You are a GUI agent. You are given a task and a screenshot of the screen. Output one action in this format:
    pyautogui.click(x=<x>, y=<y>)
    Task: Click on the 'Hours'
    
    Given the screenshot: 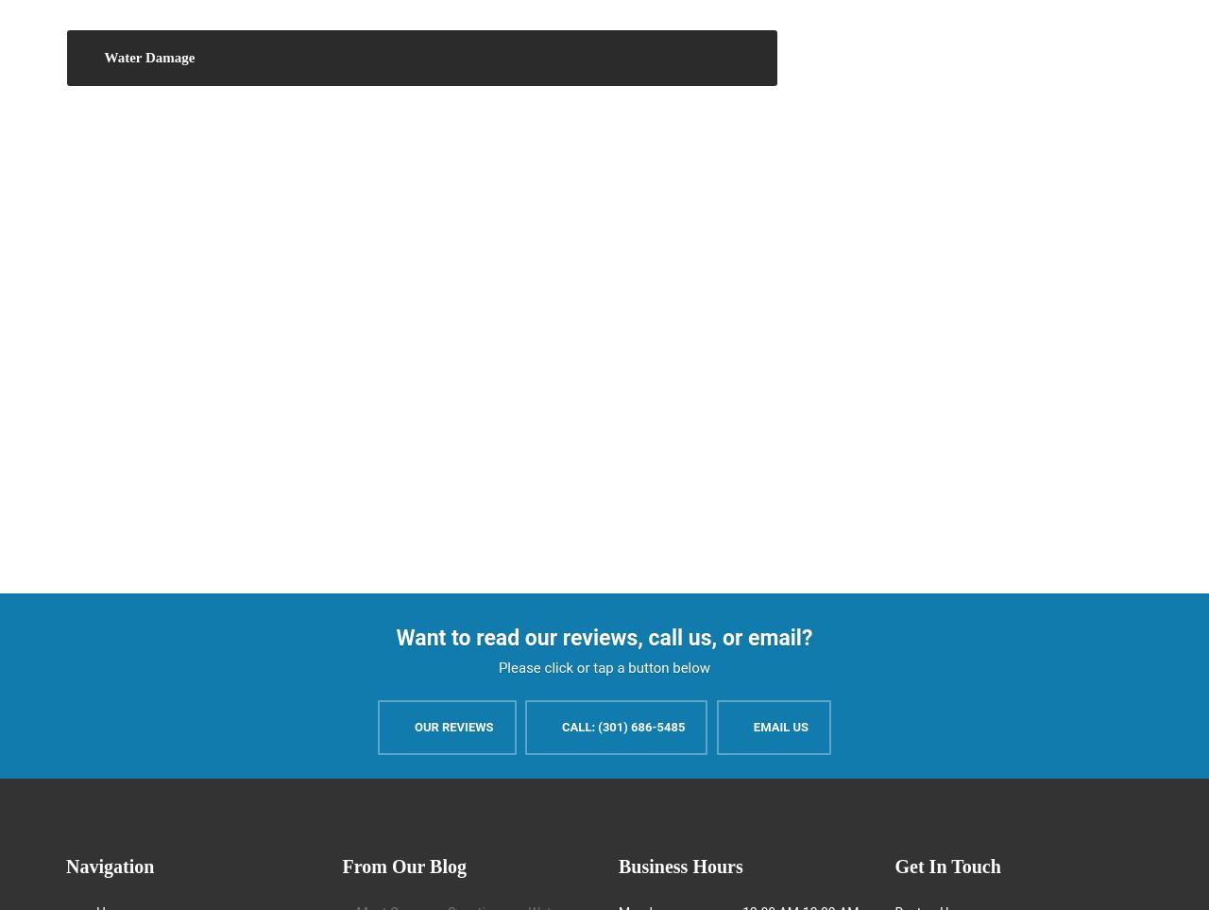 What is the action you would take?
    pyautogui.click(x=686, y=865)
    